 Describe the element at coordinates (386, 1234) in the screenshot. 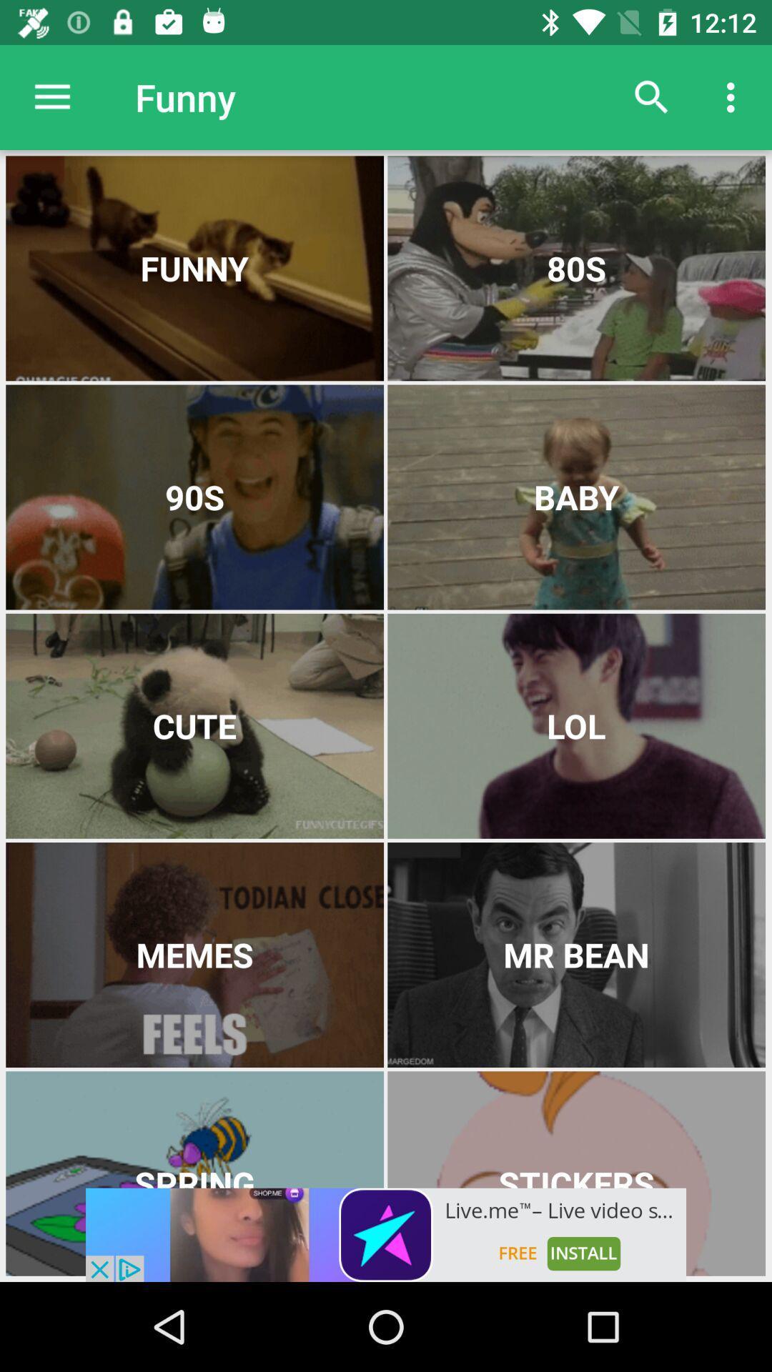

I see `advertisement` at that location.